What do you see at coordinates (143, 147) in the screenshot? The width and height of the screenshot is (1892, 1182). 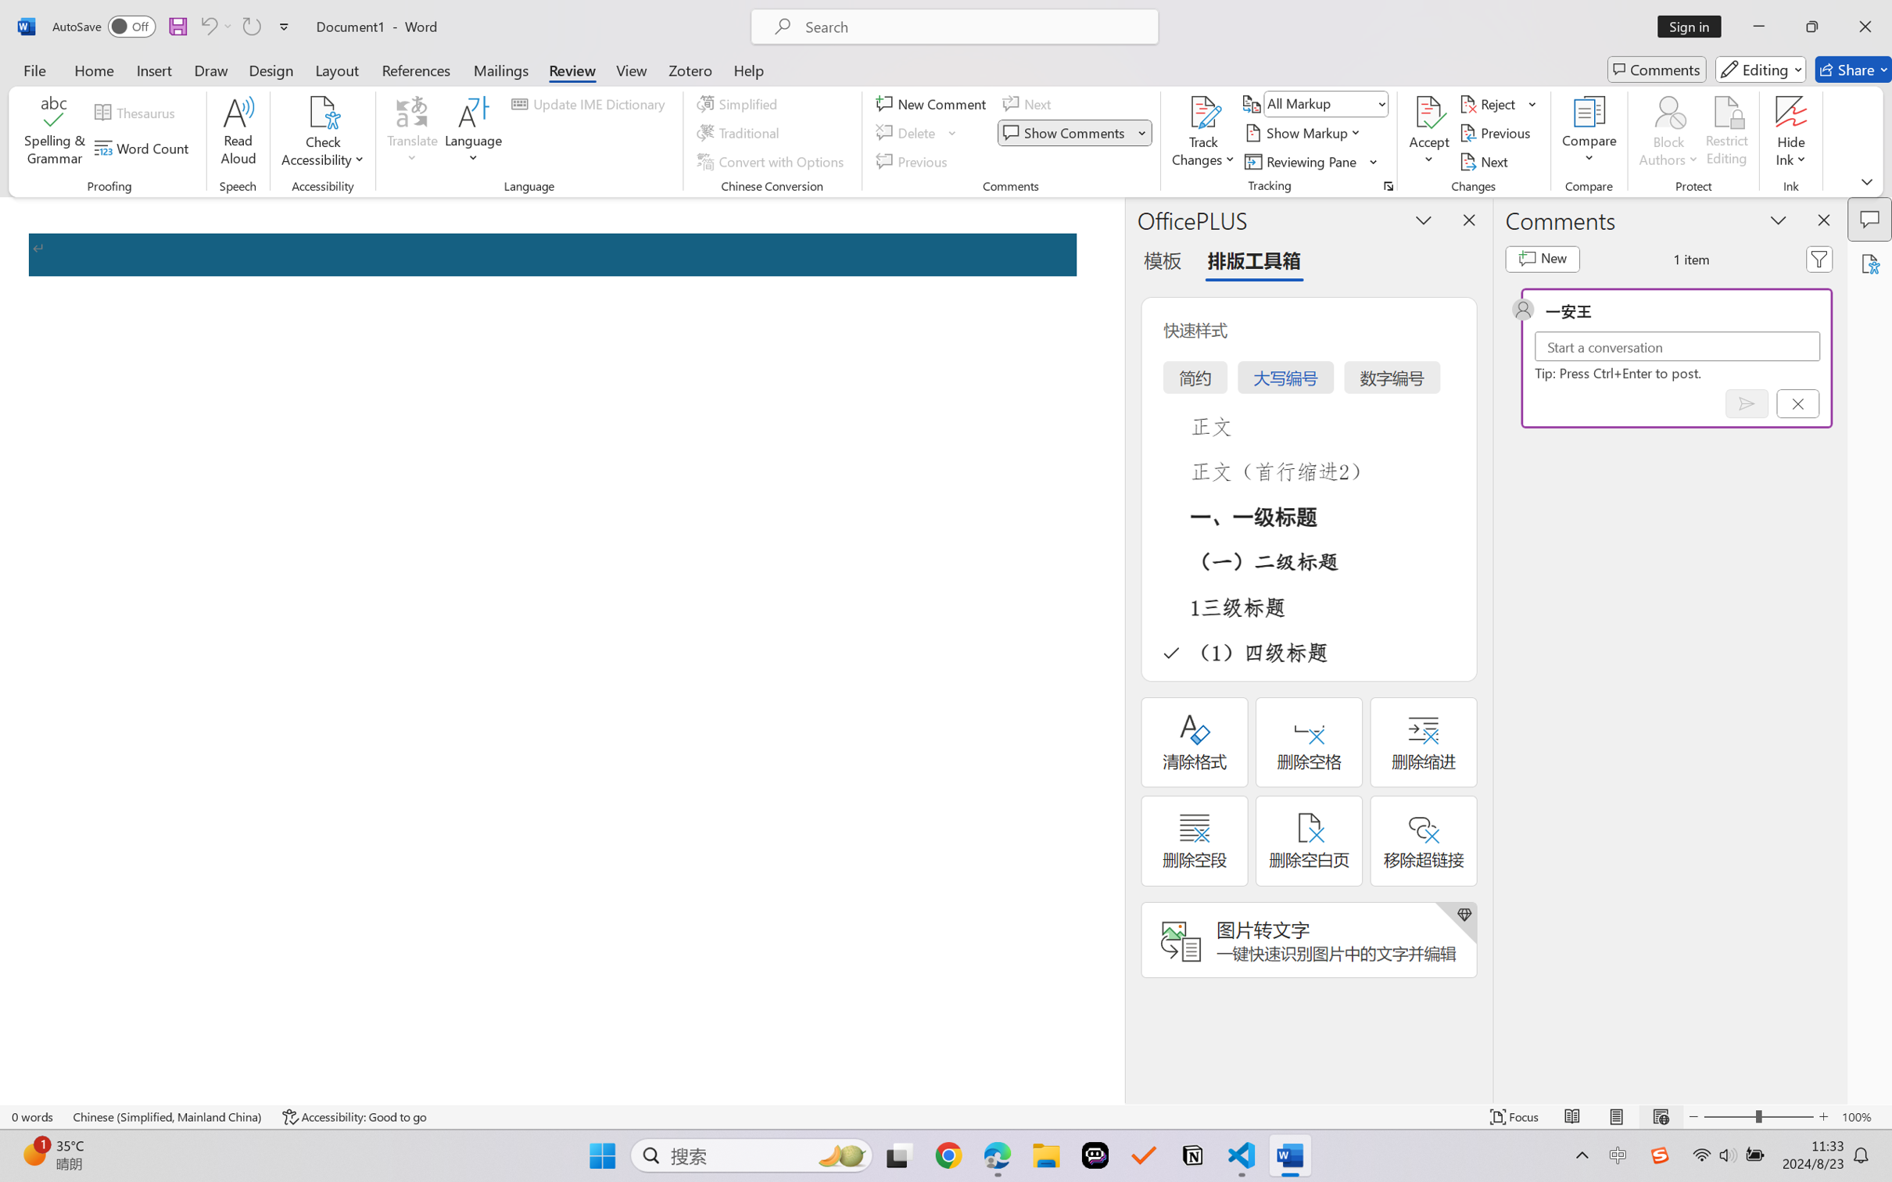 I see `'Word Count'` at bounding box center [143, 147].